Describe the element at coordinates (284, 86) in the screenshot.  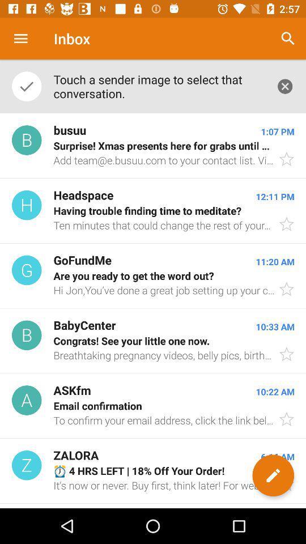
I see `the icon to the right of touch a sender icon` at that location.